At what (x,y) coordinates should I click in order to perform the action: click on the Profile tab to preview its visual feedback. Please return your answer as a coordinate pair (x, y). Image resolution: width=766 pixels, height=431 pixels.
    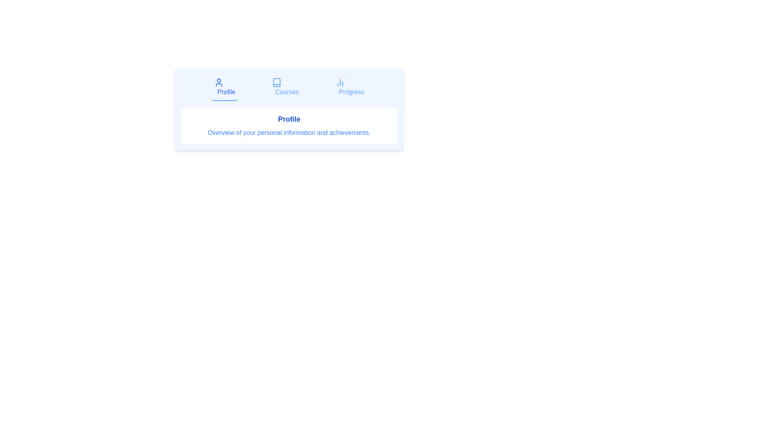
    Looking at the image, I should click on (224, 87).